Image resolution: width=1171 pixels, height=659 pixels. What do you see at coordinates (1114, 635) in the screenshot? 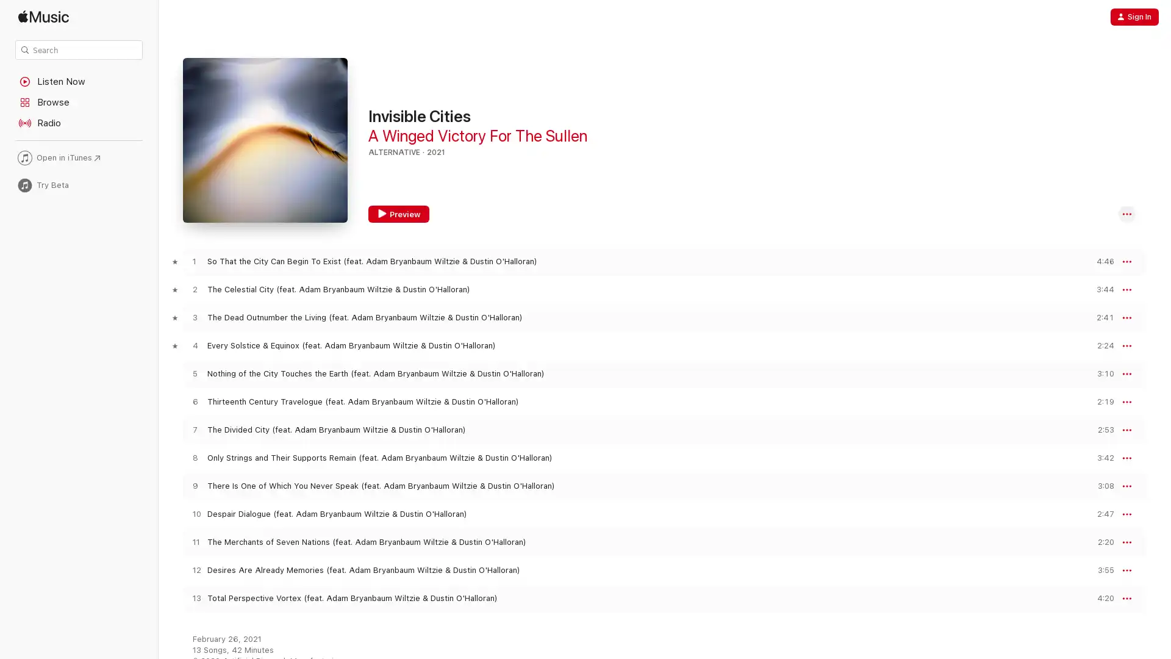
I see `Try It Free` at bounding box center [1114, 635].